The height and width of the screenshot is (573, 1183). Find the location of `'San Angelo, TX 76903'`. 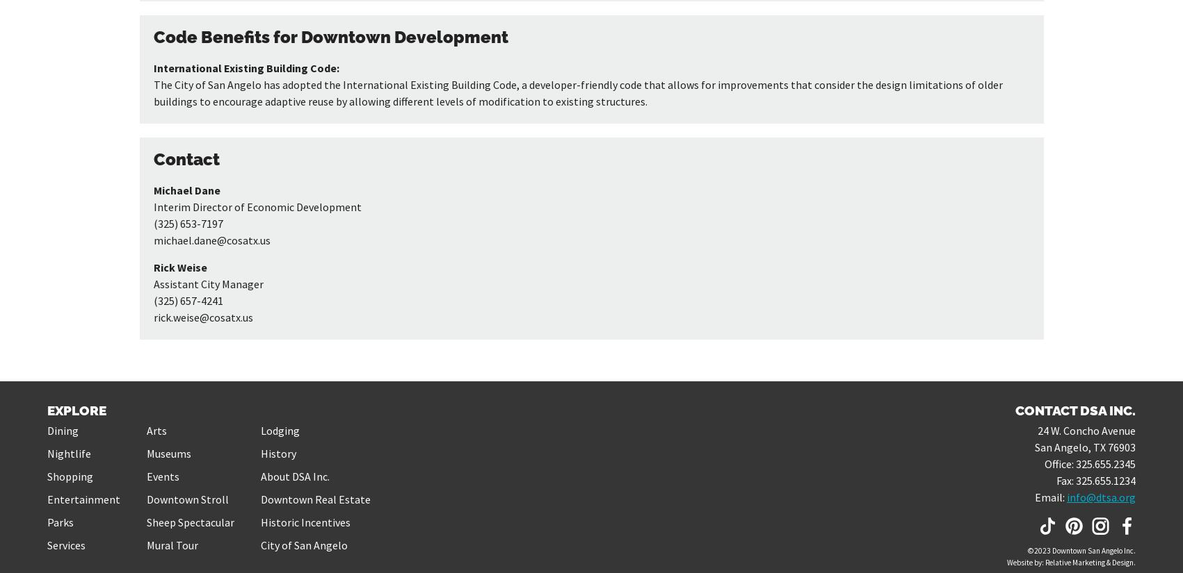

'San Angelo, TX 76903' is located at coordinates (1034, 446).